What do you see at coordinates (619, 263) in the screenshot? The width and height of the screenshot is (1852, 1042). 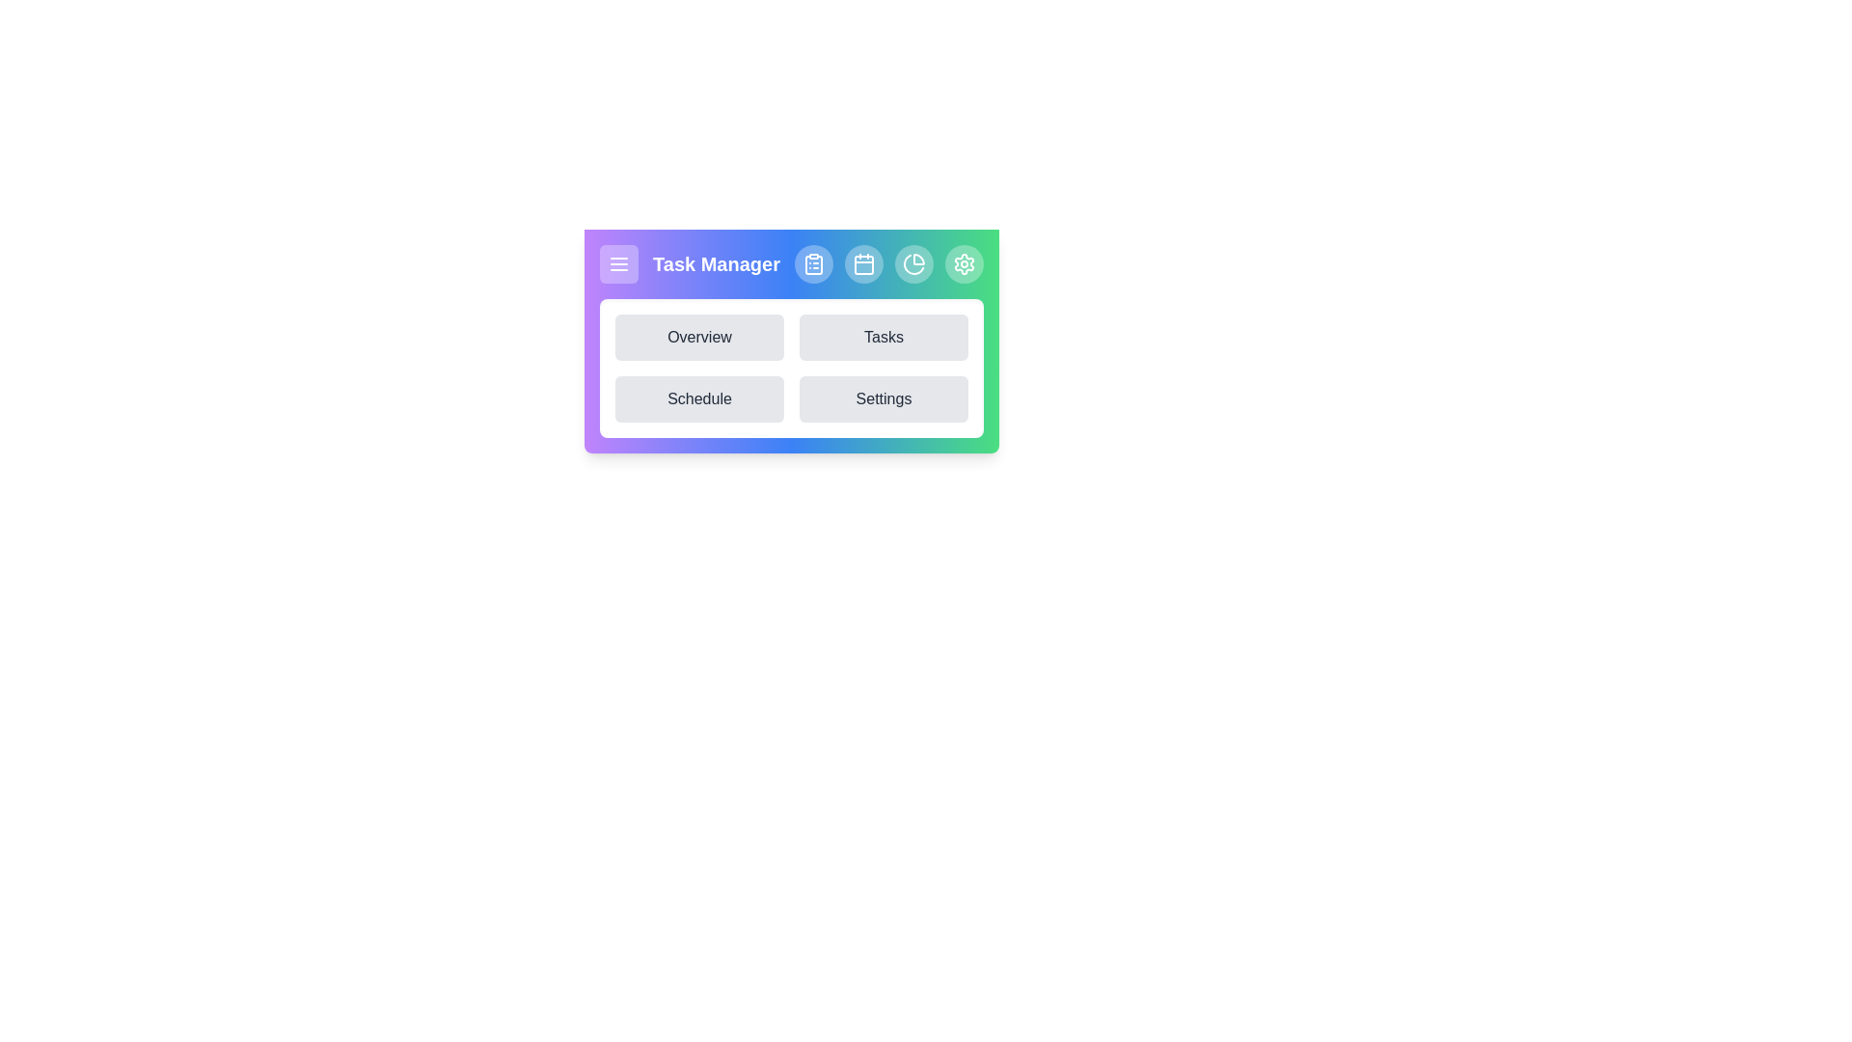 I see `the menu toggle button to toggle the menu visibility` at bounding box center [619, 263].